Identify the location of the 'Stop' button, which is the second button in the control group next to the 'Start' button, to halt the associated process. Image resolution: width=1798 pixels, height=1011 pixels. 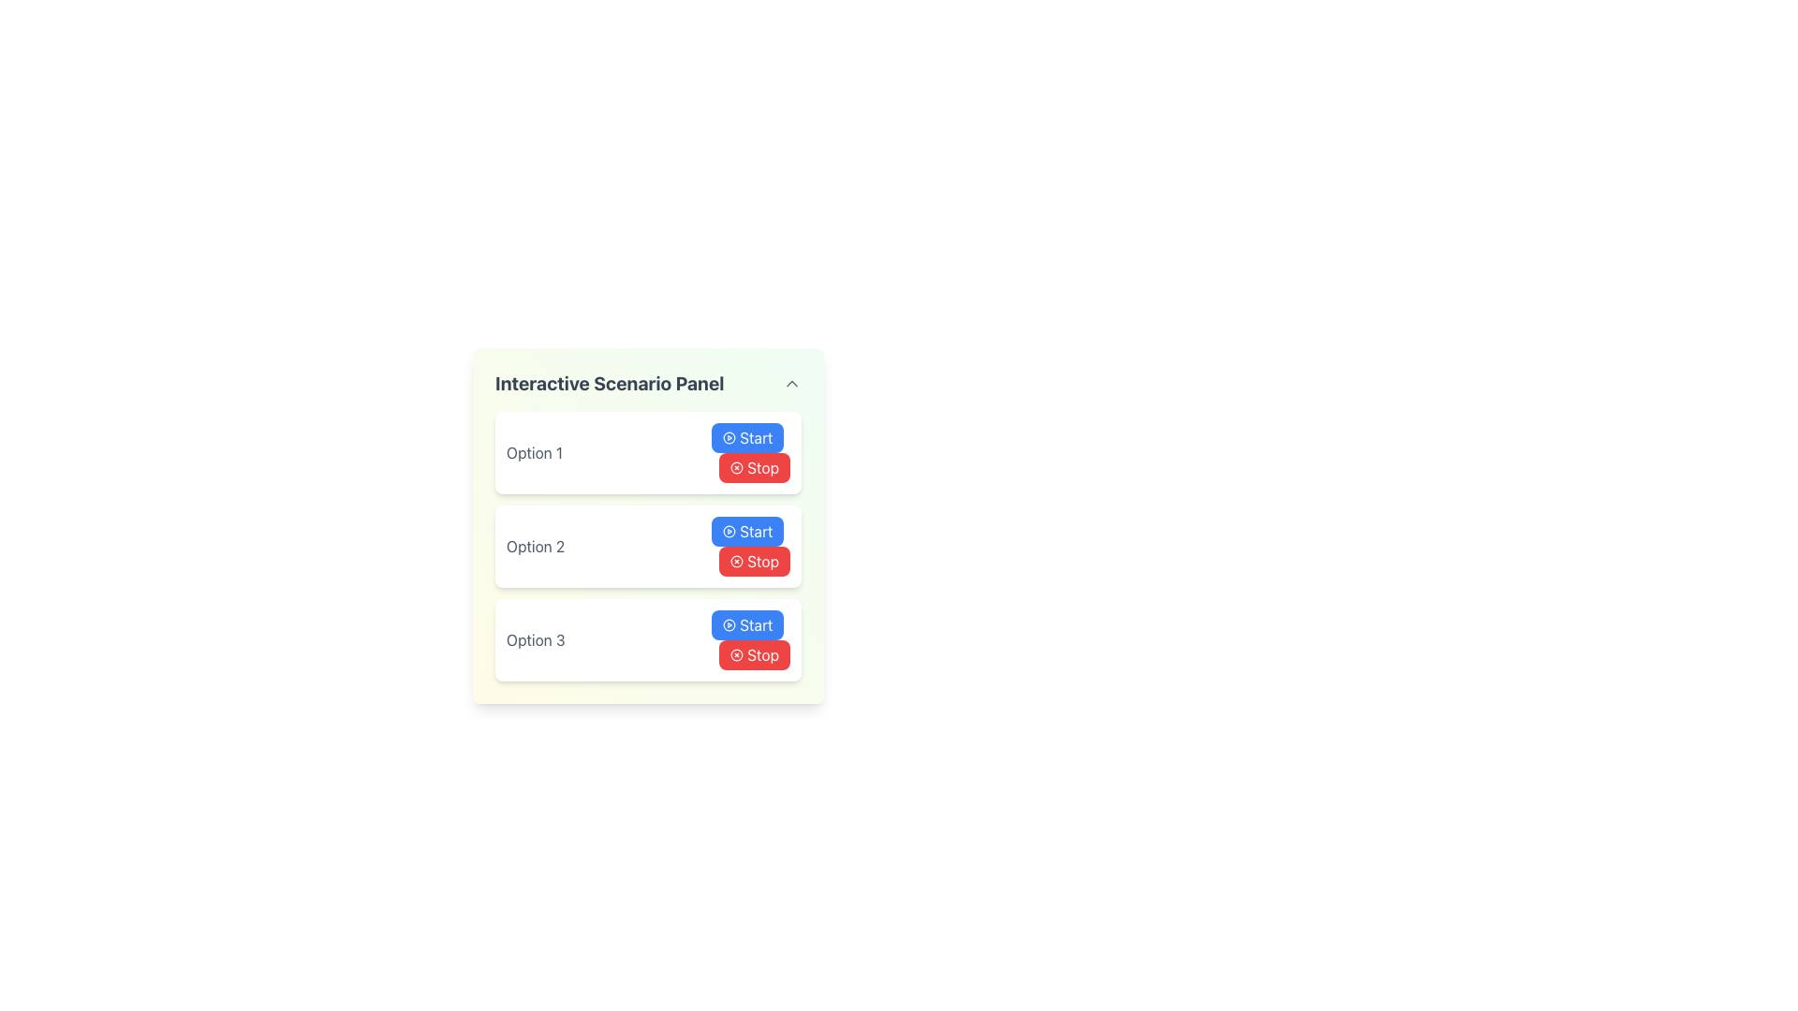
(755, 653).